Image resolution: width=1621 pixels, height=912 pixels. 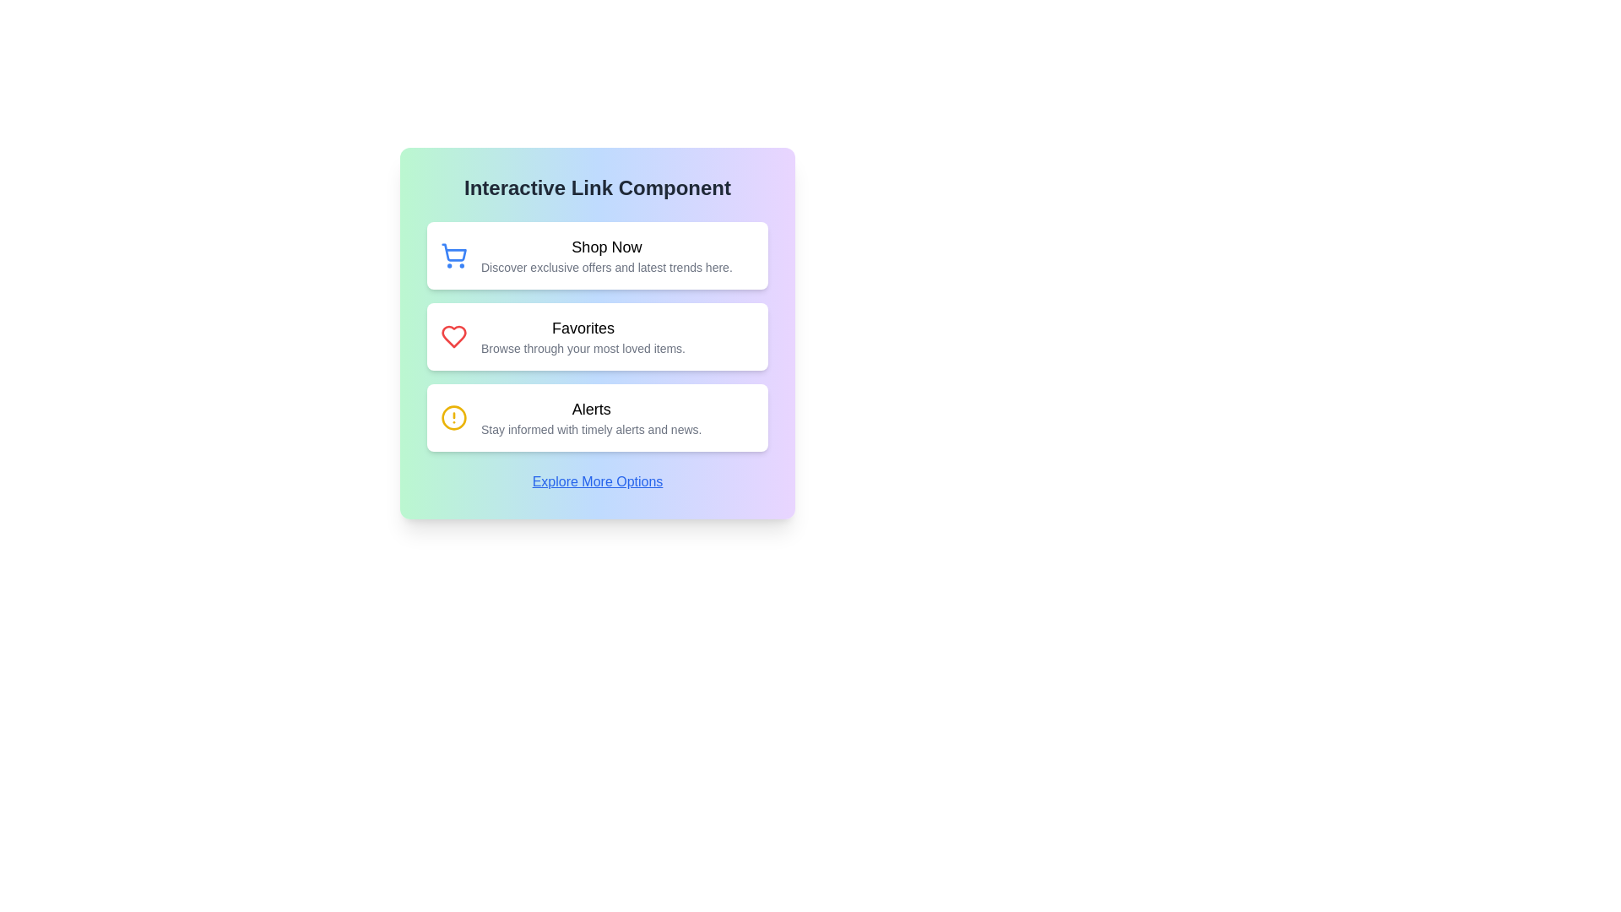 What do you see at coordinates (598, 417) in the screenshot?
I see `the clickable link styled as a card component that provides navigational functionality` at bounding box center [598, 417].